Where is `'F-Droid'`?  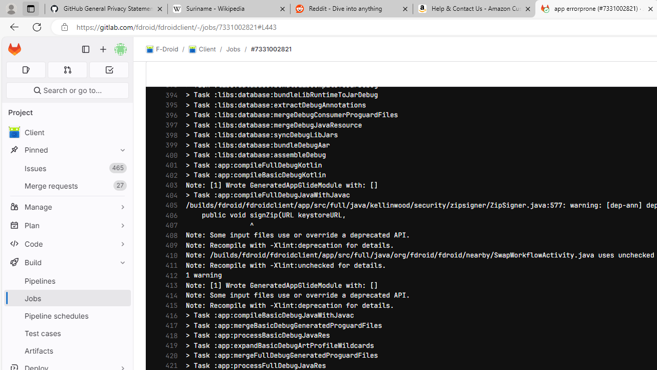
'F-Droid' is located at coordinates (162, 49).